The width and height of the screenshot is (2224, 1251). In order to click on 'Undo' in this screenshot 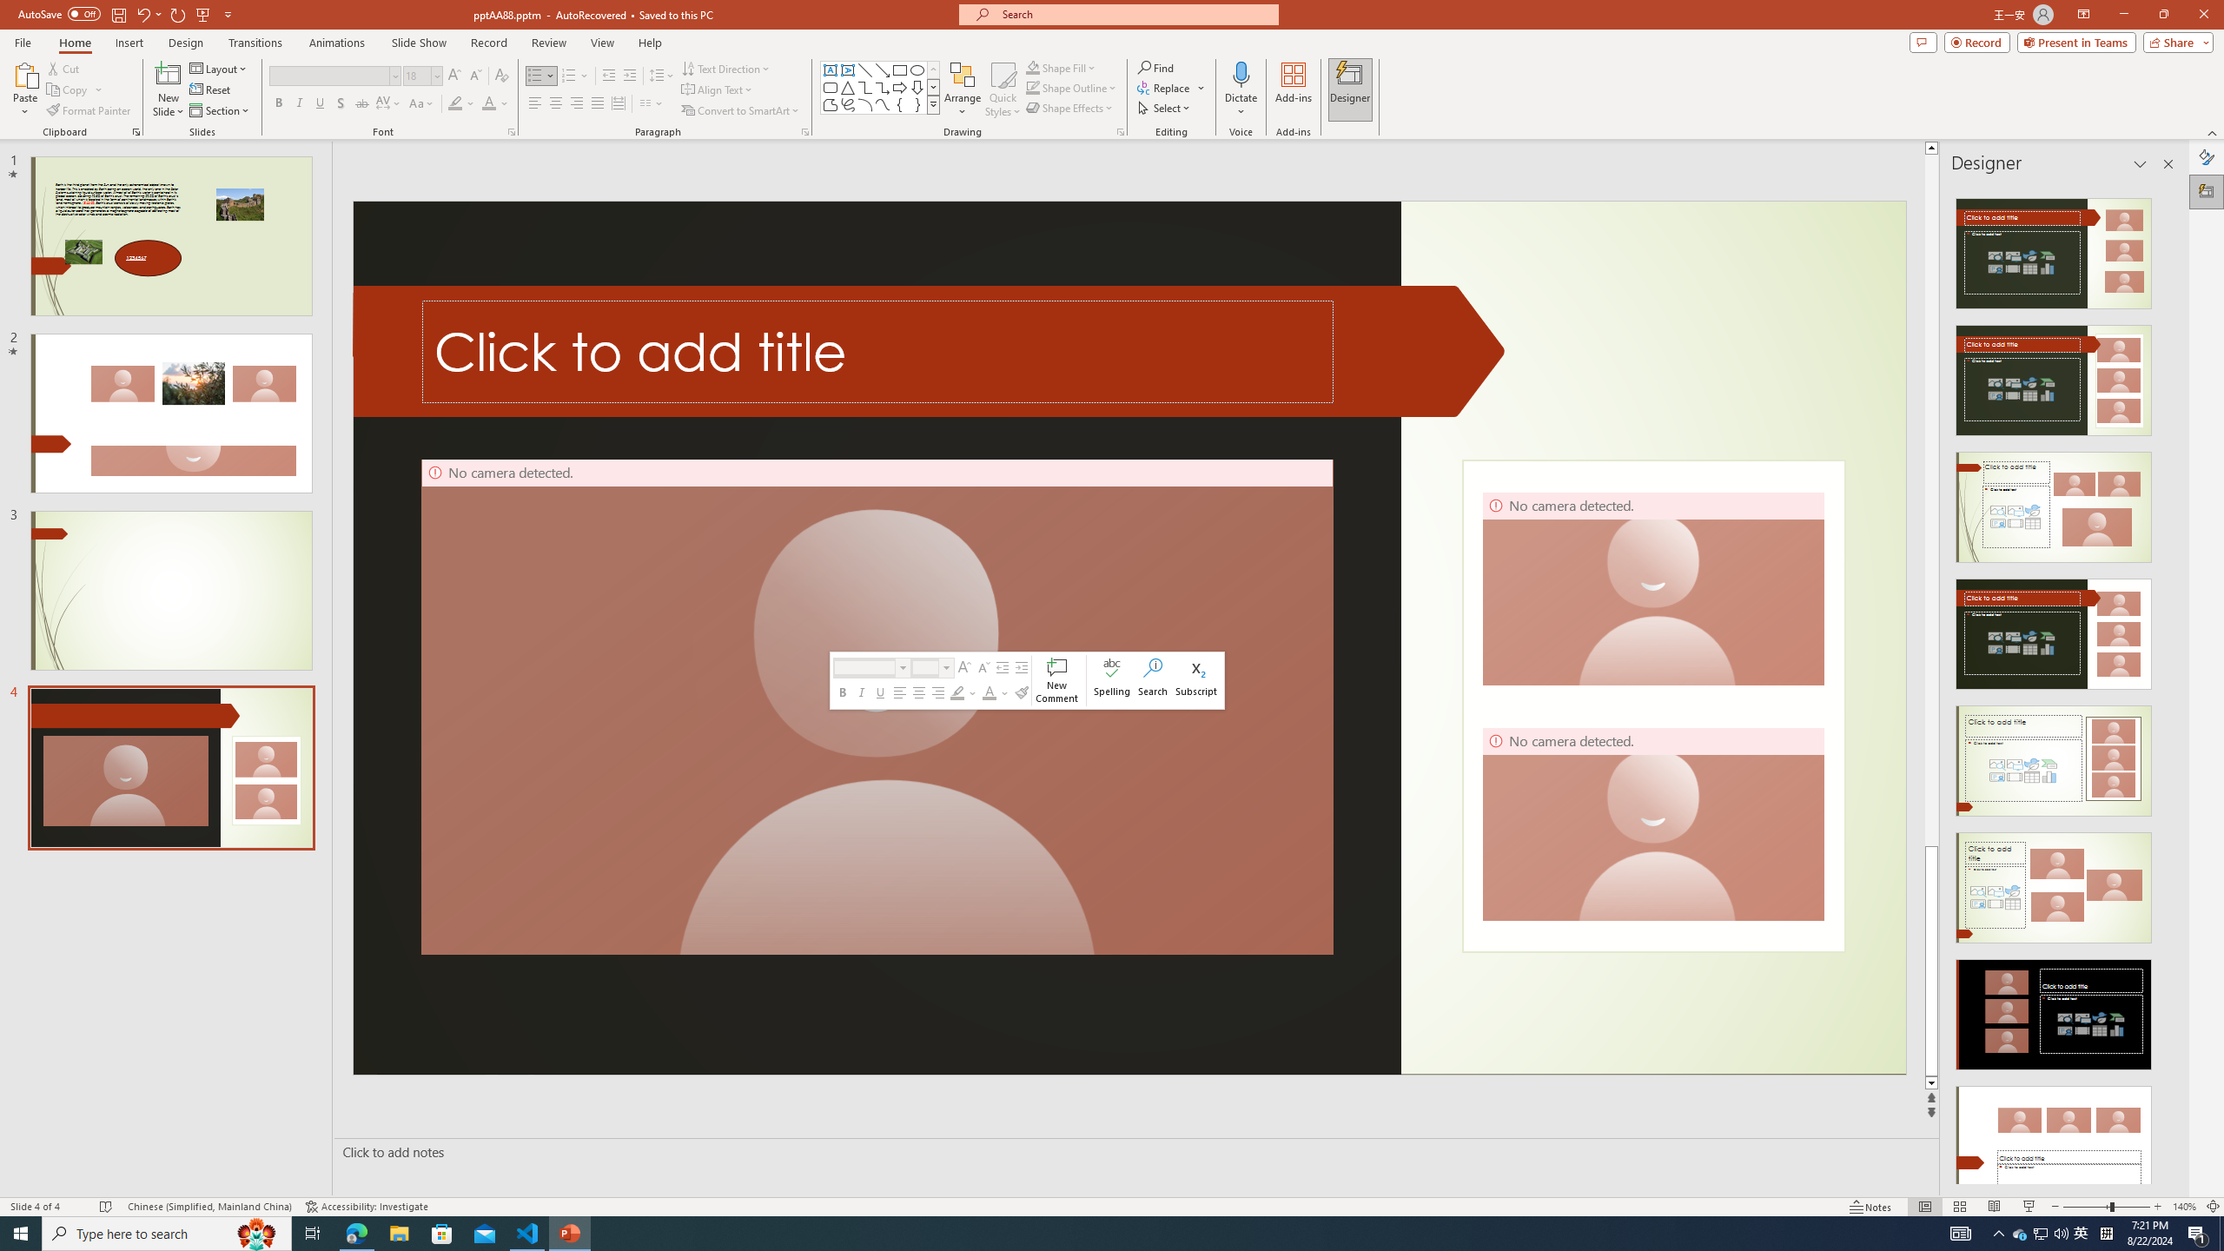, I will do `click(142, 13)`.